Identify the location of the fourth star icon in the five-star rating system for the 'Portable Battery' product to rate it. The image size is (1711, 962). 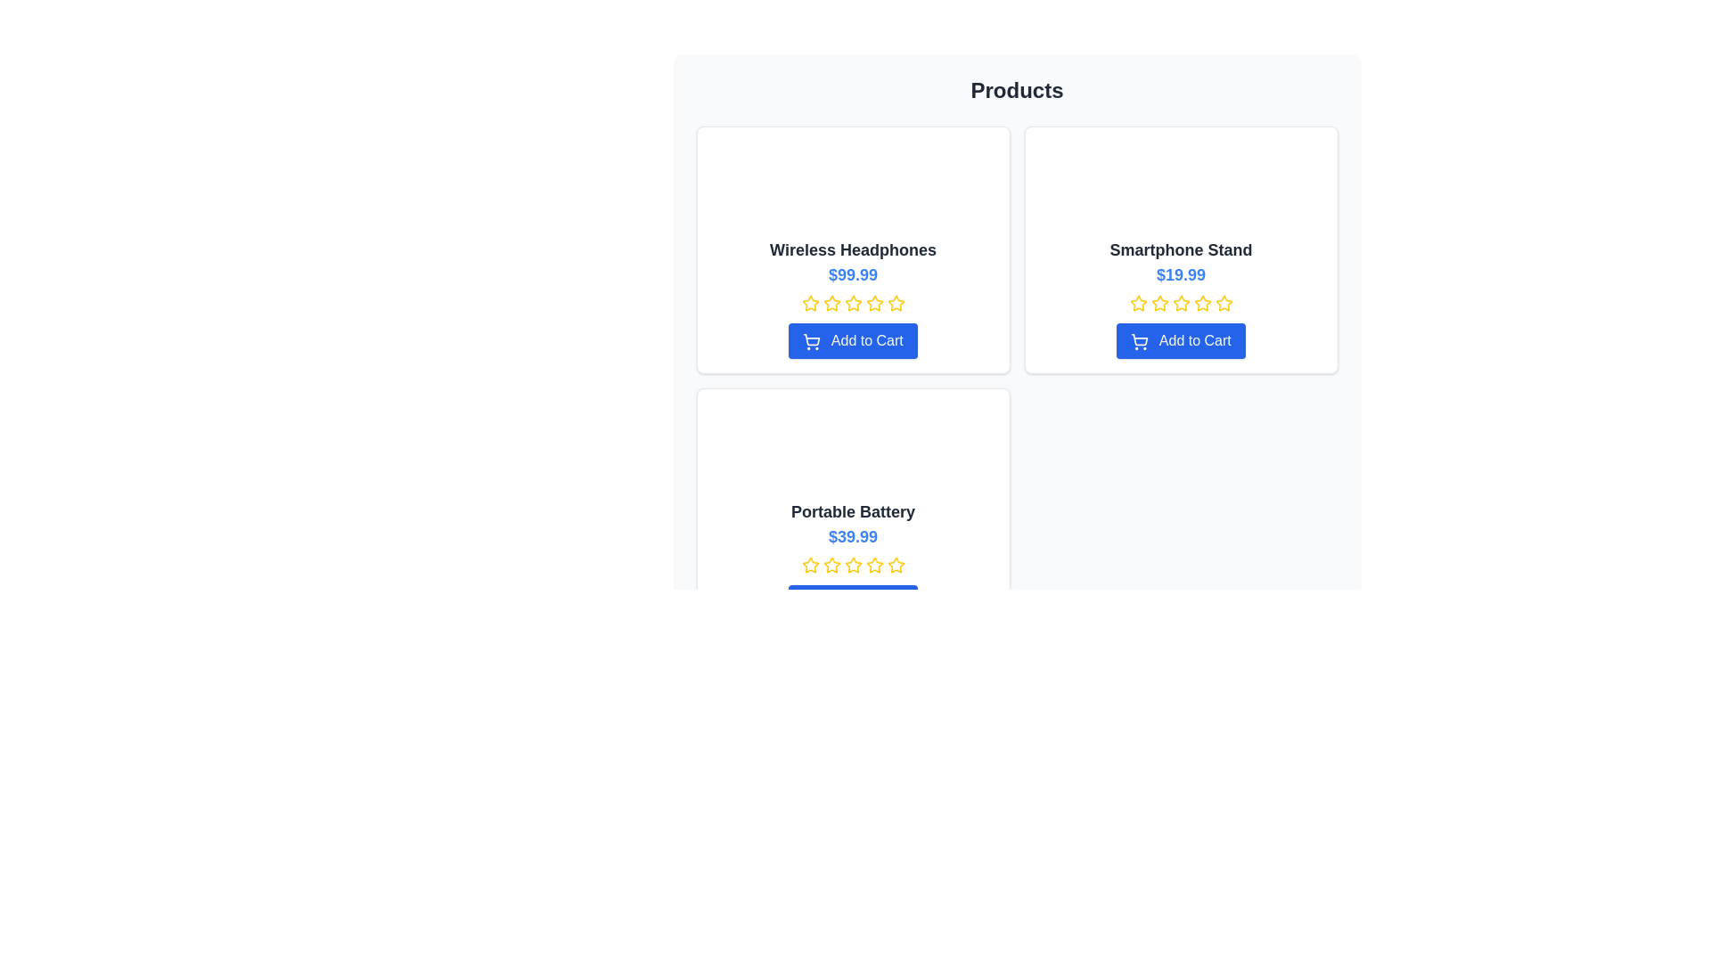
(896, 565).